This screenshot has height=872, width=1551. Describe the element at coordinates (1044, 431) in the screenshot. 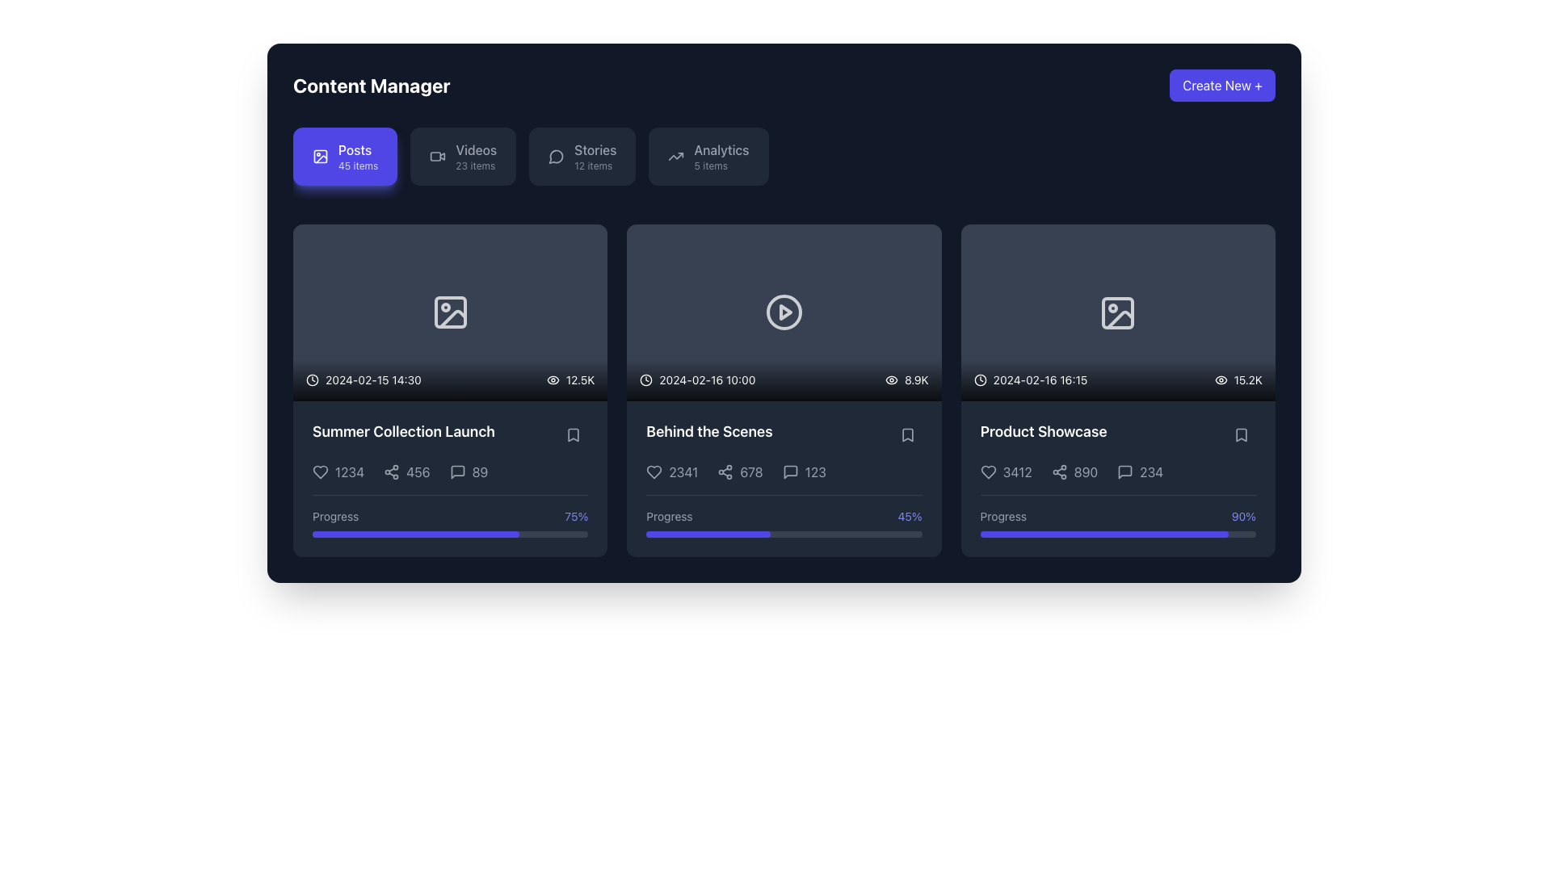

I see `the static text label that identifies the content or purpose of the rightmost card in a three-card layout` at that location.